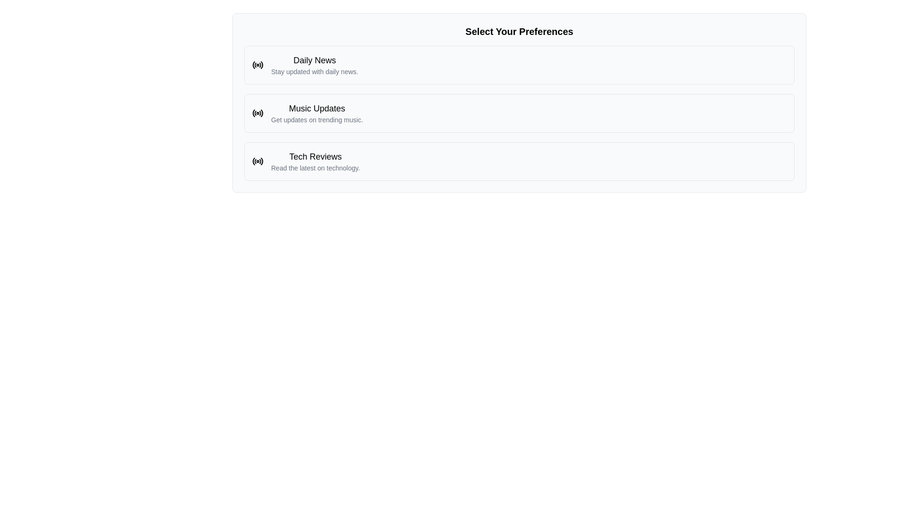  What do you see at coordinates (315, 167) in the screenshot?
I see `the text element that reads 'Read the latest on technology.' which is styled in a smaller font with a light gray color, located below the heading 'Tech Reviews'` at bounding box center [315, 167].